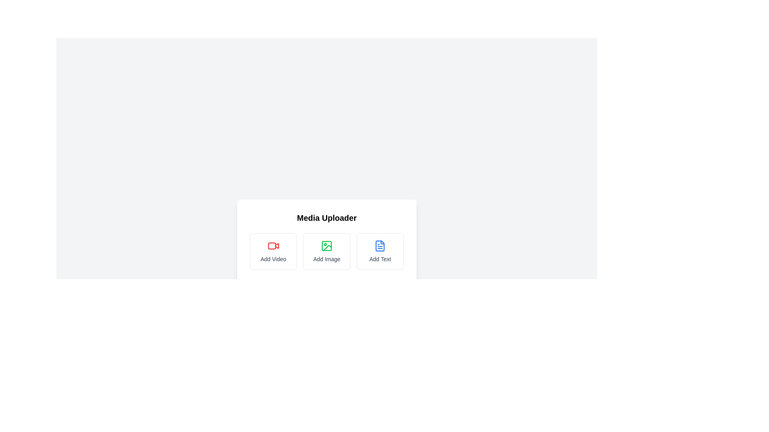  Describe the element at coordinates (327, 251) in the screenshot. I see `the second card in the grid layout that allows users` at that location.